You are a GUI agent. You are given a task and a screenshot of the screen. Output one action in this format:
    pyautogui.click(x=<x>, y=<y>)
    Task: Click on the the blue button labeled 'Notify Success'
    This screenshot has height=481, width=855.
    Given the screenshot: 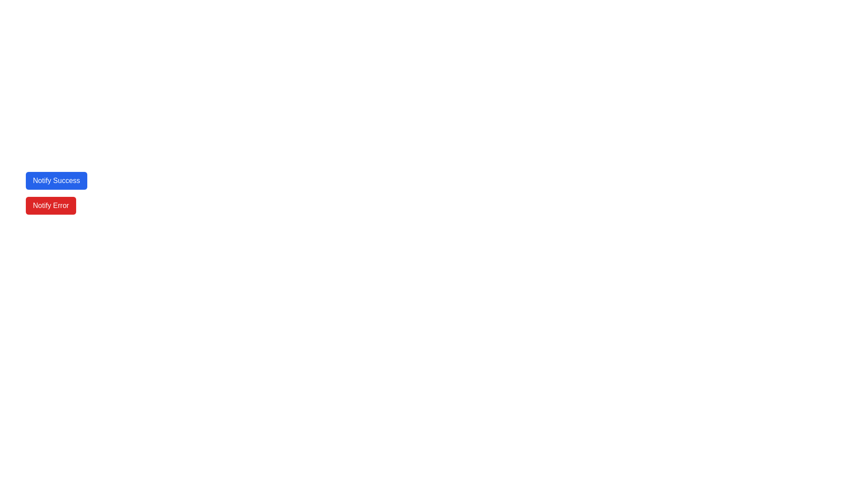 What is the action you would take?
    pyautogui.click(x=56, y=180)
    